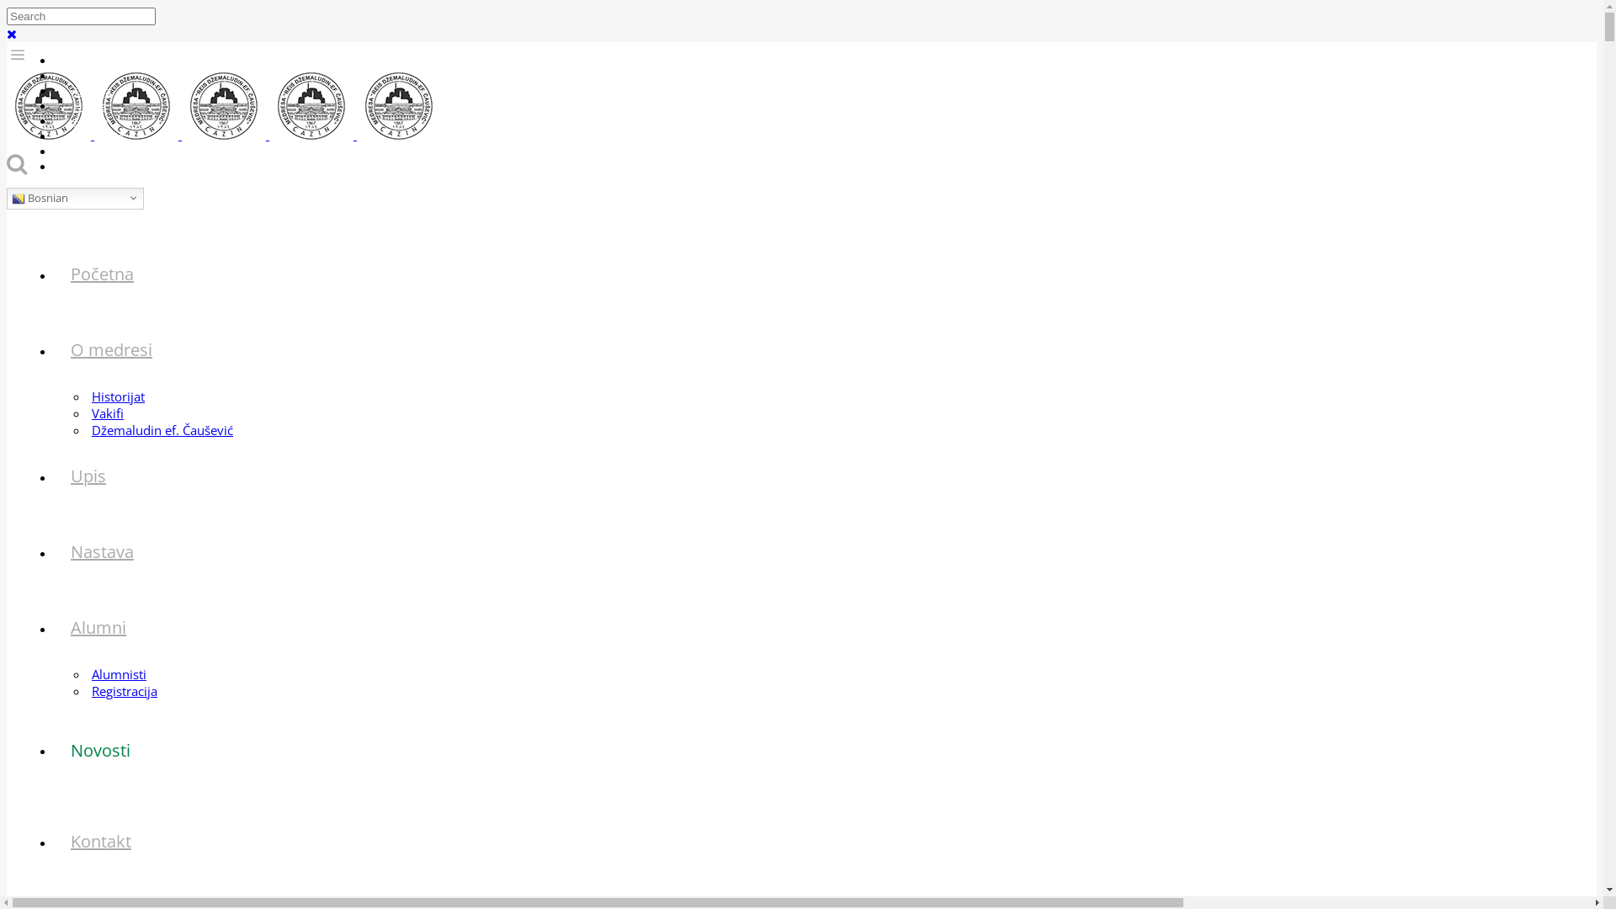 The height and width of the screenshot is (909, 1616). I want to click on 'Novosti', so click(99, 748).